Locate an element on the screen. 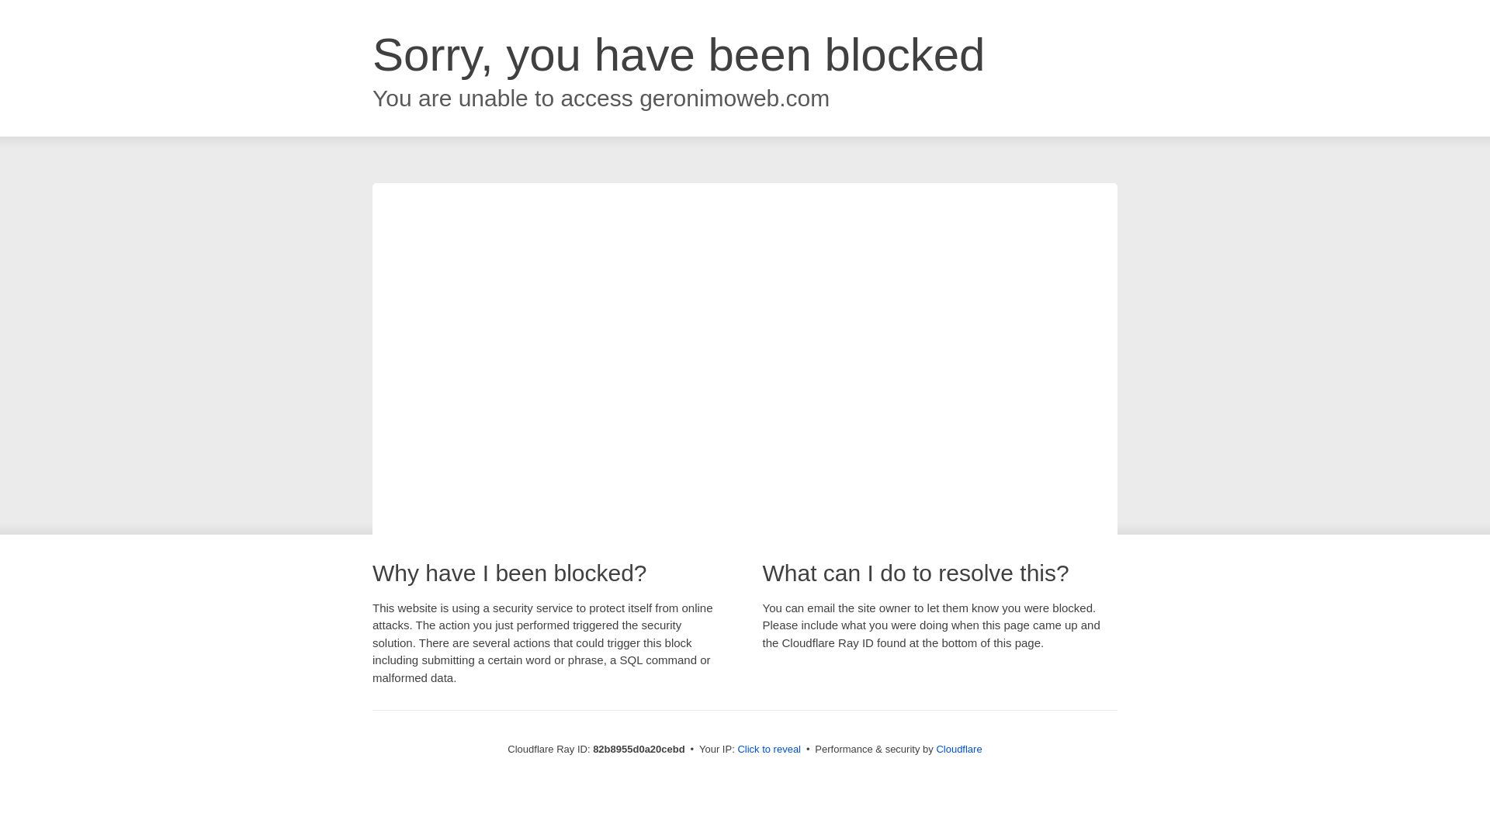  'Cloudflare' is located at coordinates (958, 748).